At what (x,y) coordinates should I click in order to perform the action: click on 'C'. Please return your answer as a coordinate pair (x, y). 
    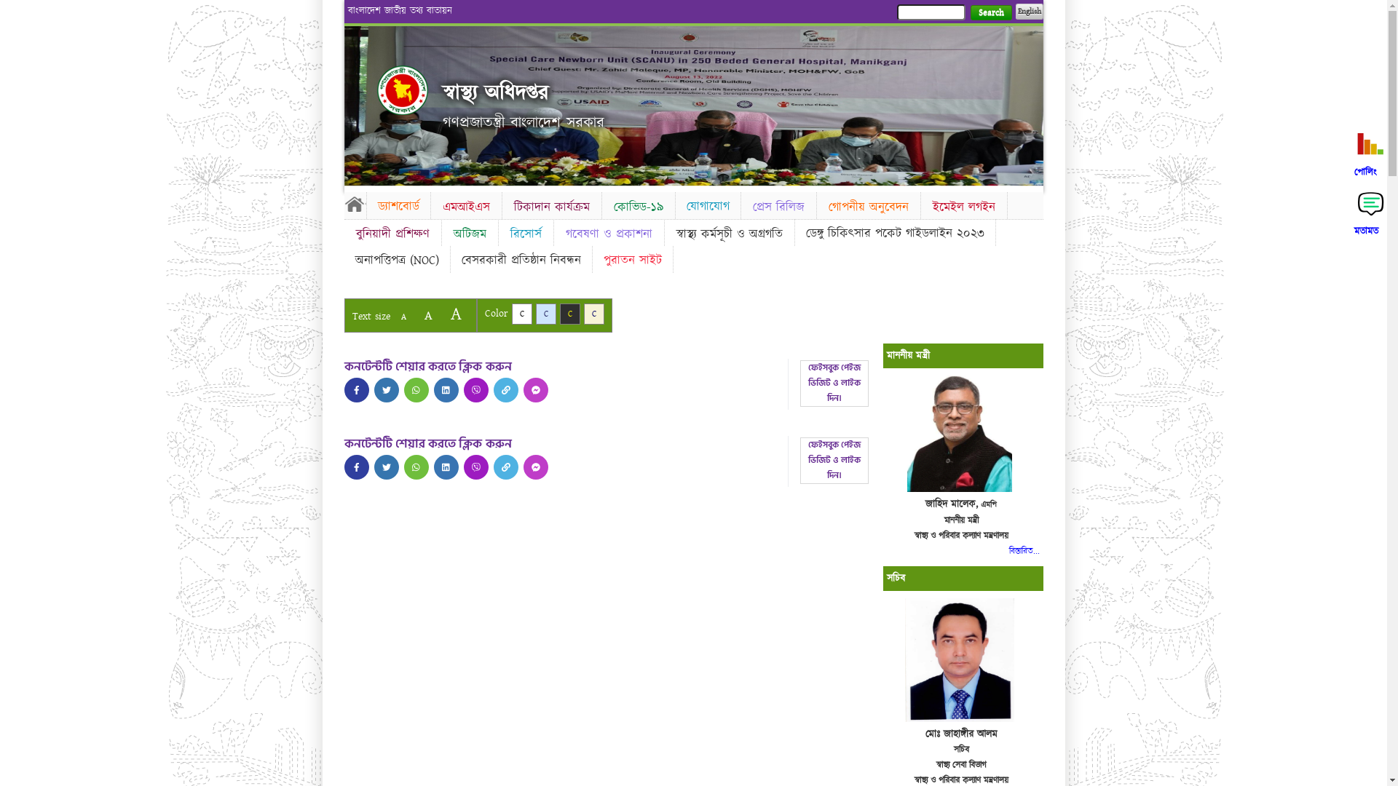
    Looking at the image, I should click on (569, 313).